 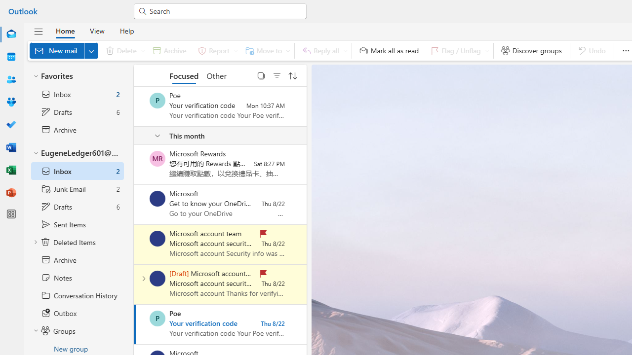 I want to click on 'Expand to see delete options', so click(x=142, y=50).